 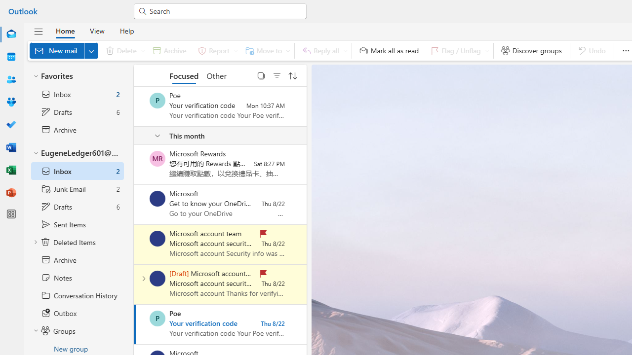 I want to click on 'Expand to see delete options', so click(x=142, y=50).